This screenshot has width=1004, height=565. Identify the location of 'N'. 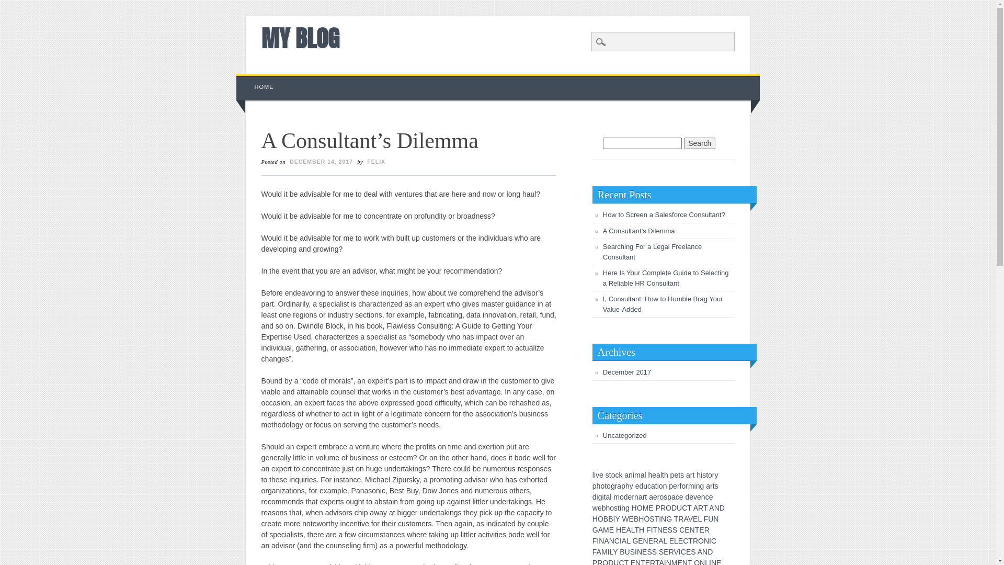
(612, 540).